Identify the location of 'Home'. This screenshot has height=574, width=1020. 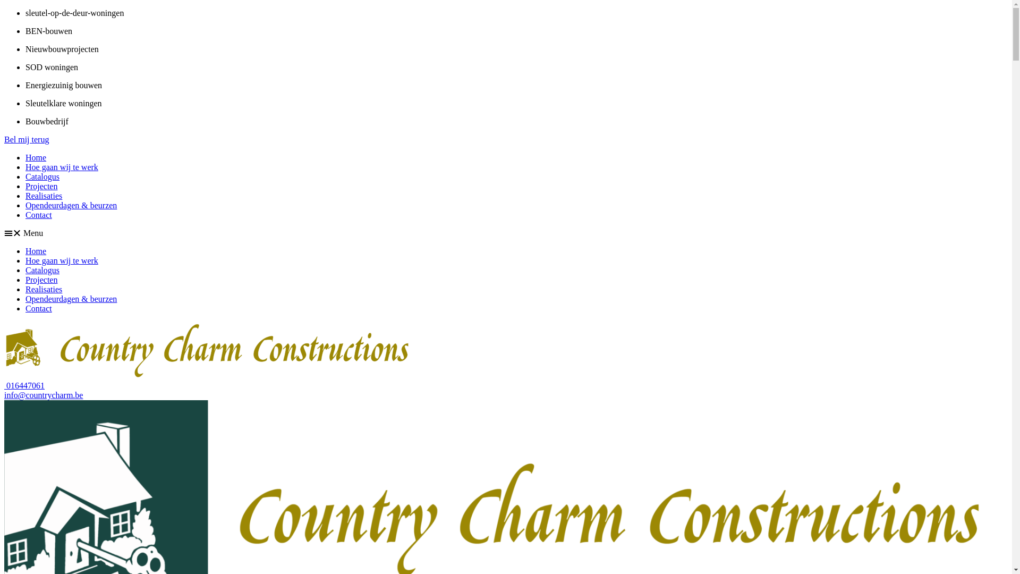
(36, 157).